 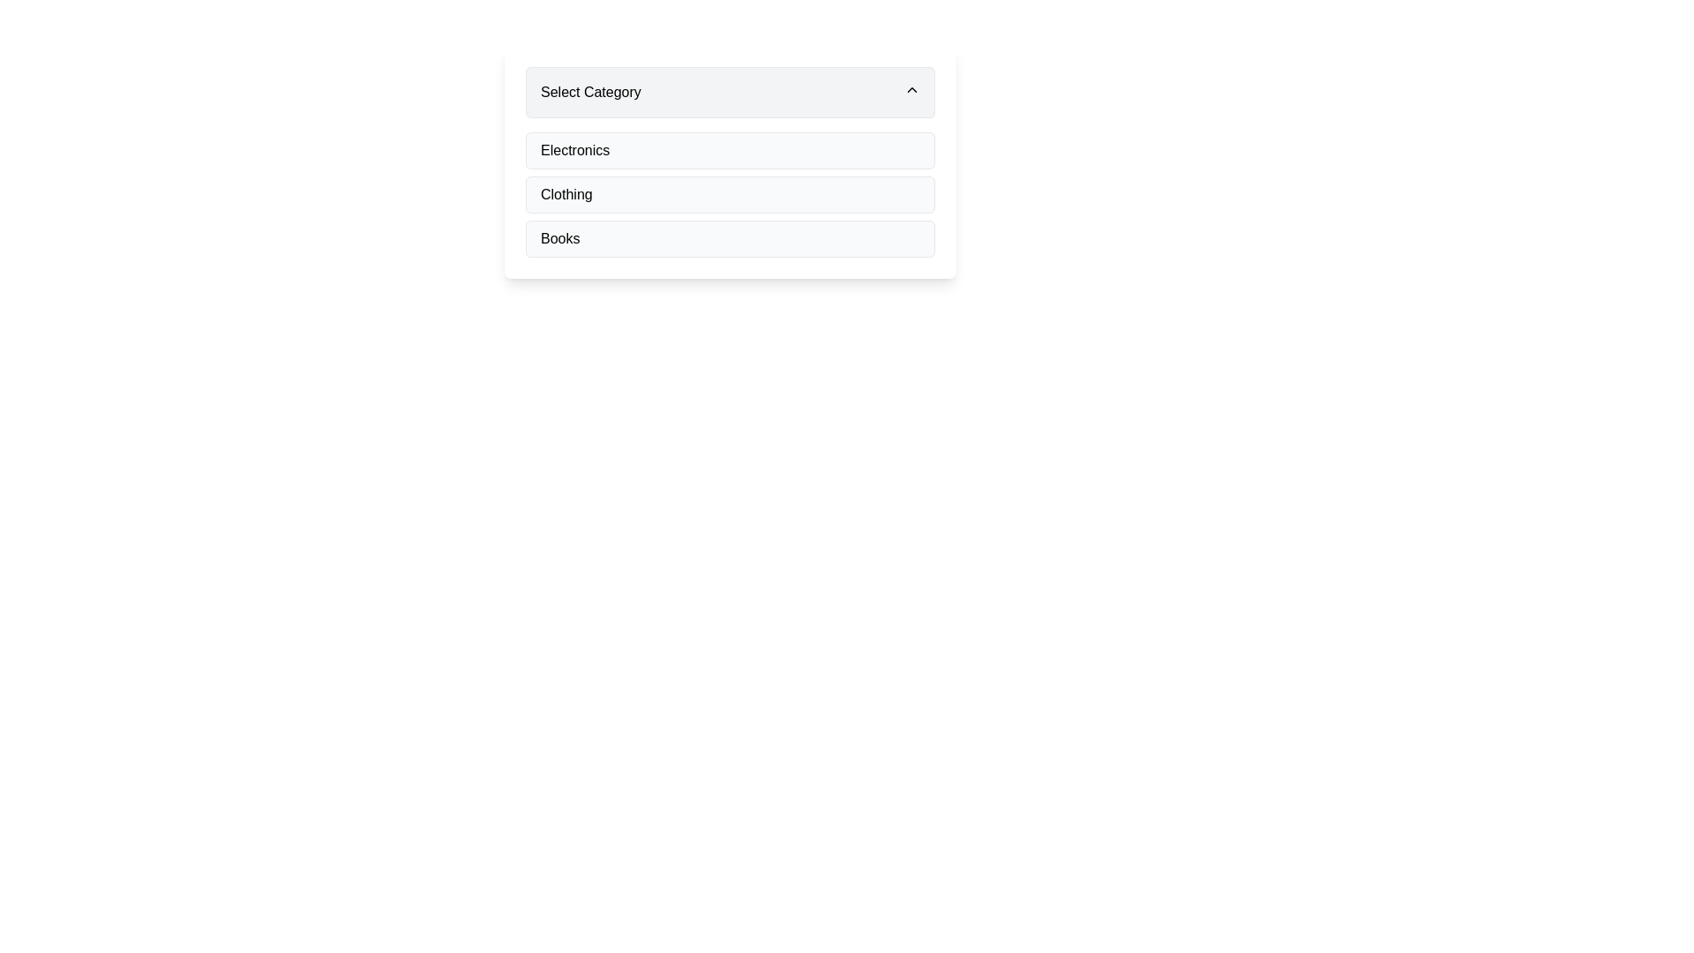 What do you see at coordinates (731, 149) in the screenshot?
I see `the button-like component labeled 'Electronics'` at bounding box center [731, 149].